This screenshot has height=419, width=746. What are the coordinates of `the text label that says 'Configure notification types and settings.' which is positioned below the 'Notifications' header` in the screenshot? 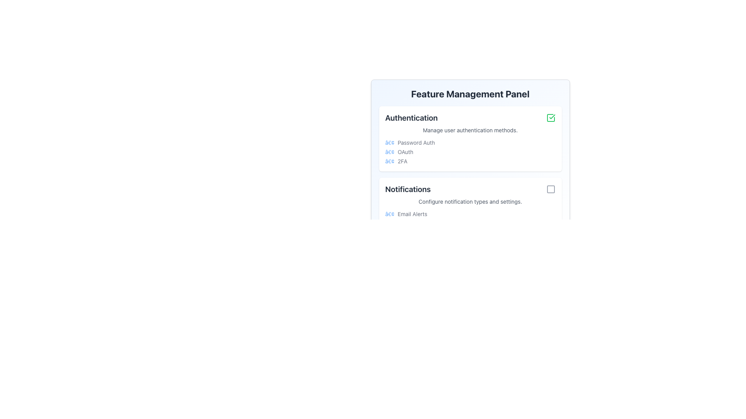 It's located at (470, 201).